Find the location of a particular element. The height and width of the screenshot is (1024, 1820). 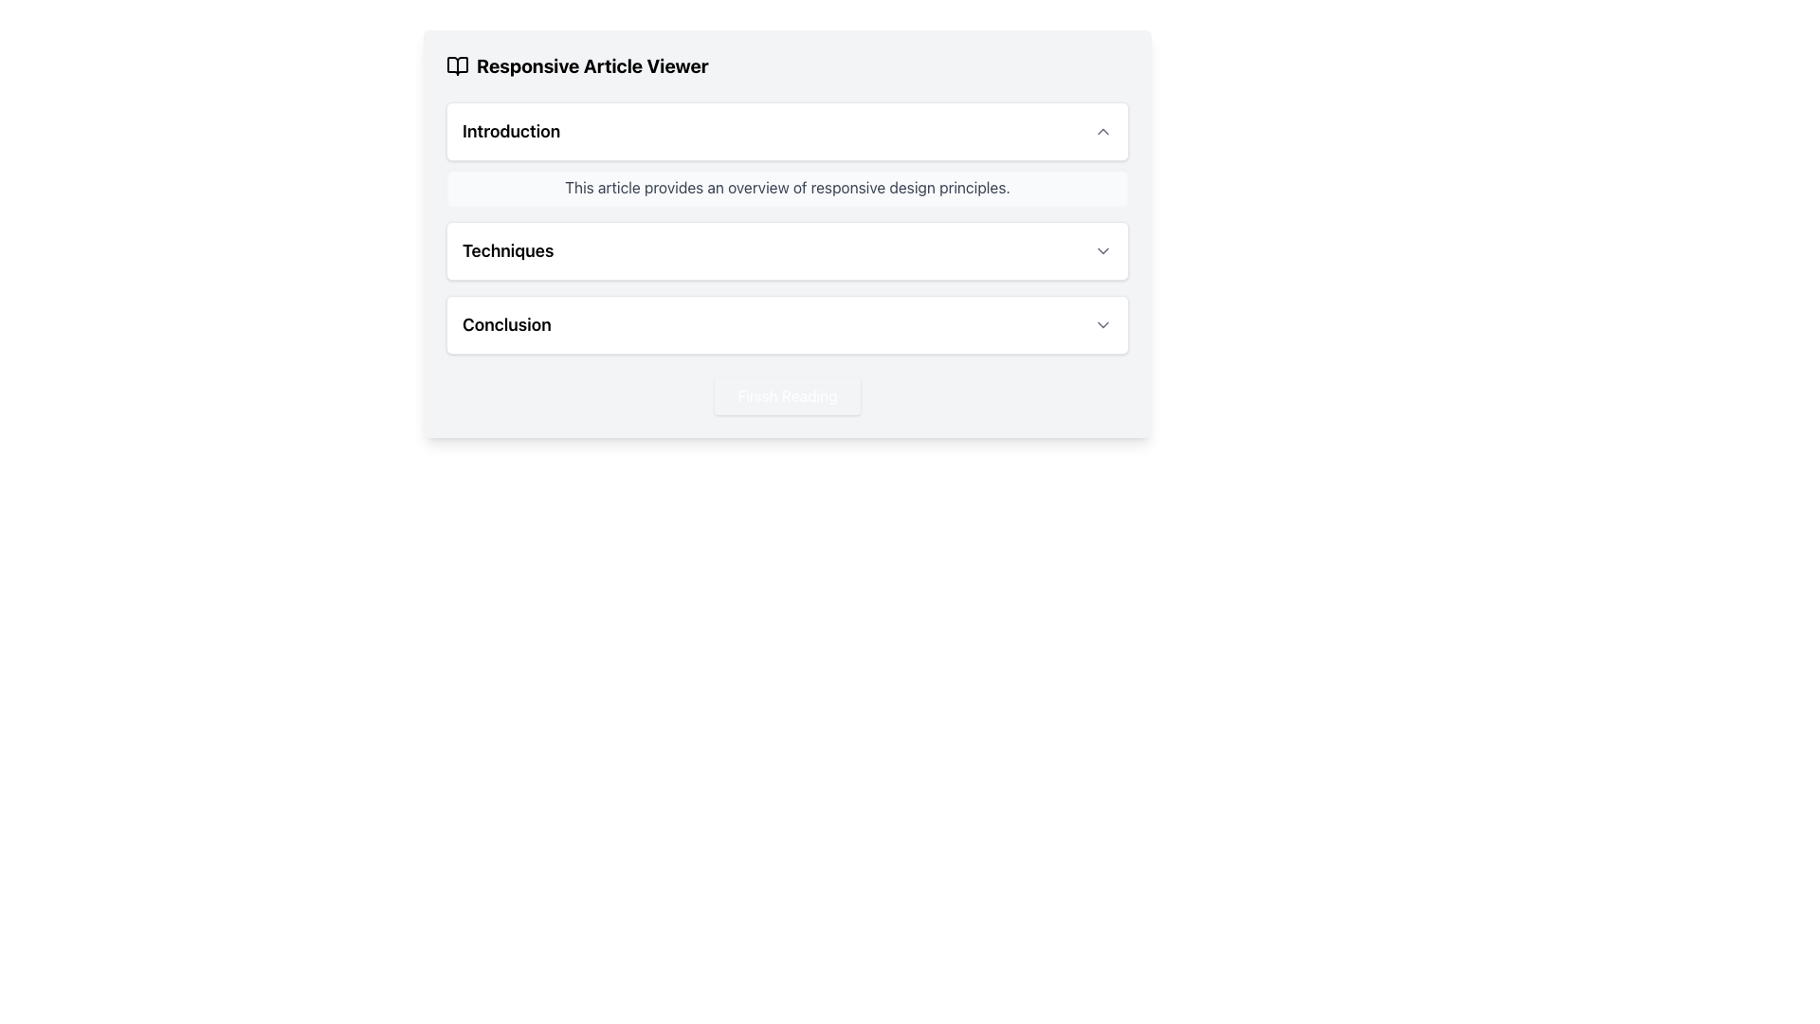

text label that displays 'Responsive Article Viewer', located in the top-left section of a card layout, next to a book icon is located at coordinates (591, 64).